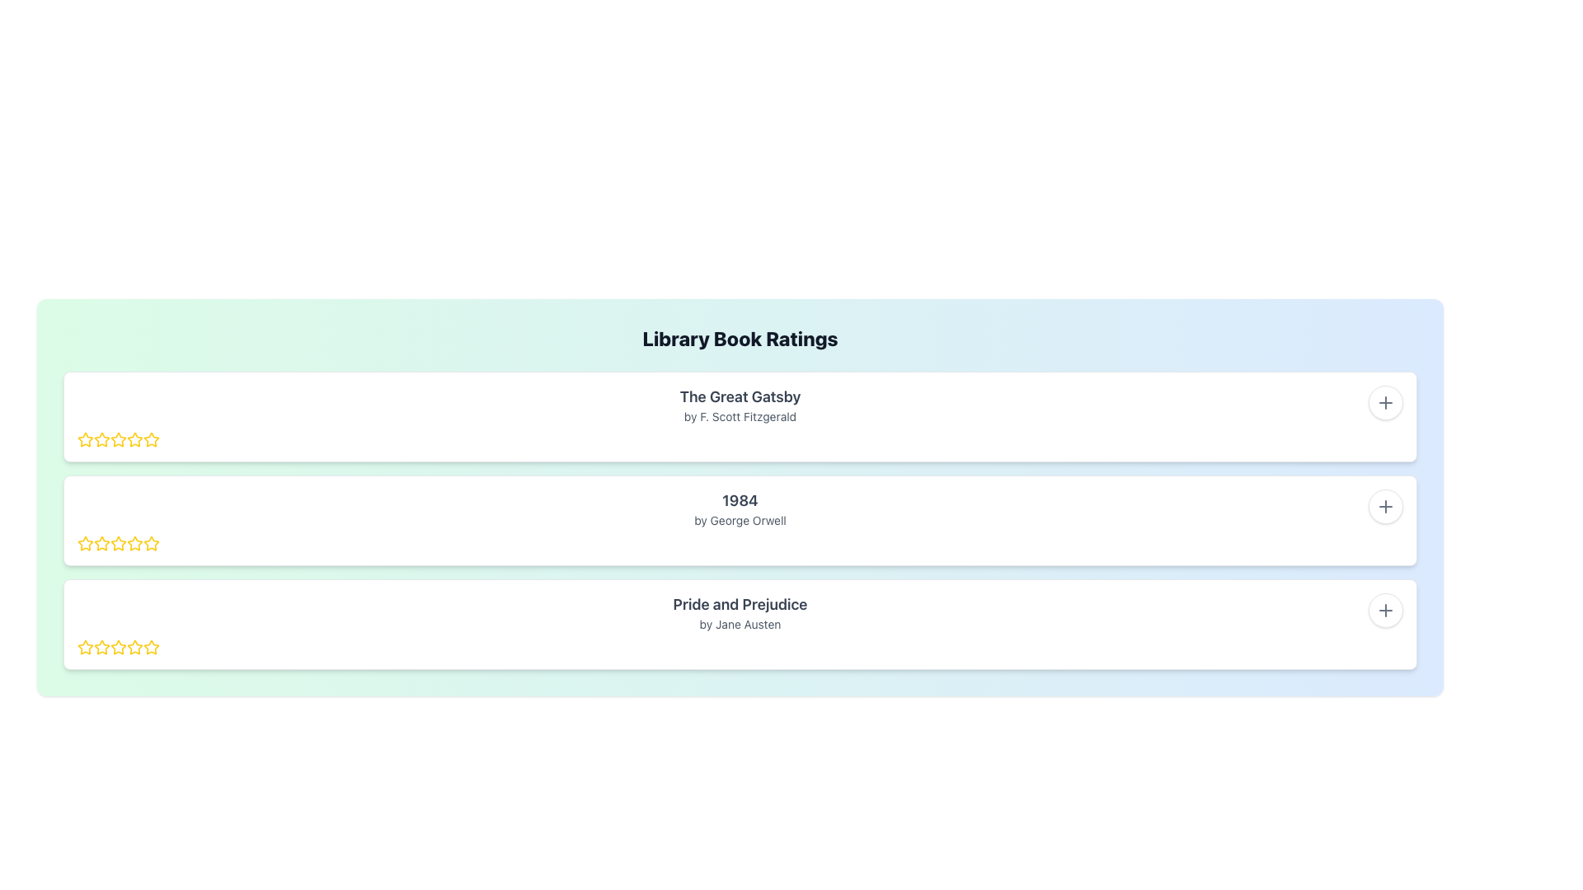 This screenshot has height=890, width=1583. Describe the element at coordinates (1385, 610) in the screenshot. I see `the circular plus icon located at the top-right corner of the third book entry box for 'Pride and Prejudice' by Jane Austen to initiate an action` at that location.